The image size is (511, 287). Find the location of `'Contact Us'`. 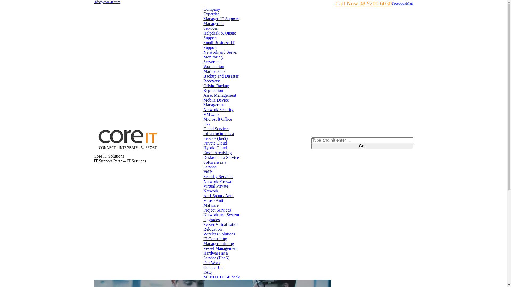

'Contact Us' is located at coordinates (213, 267).